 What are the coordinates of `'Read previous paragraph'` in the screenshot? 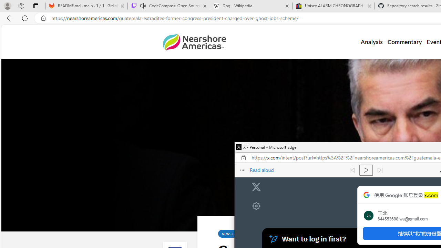 It's located at (352, 170).